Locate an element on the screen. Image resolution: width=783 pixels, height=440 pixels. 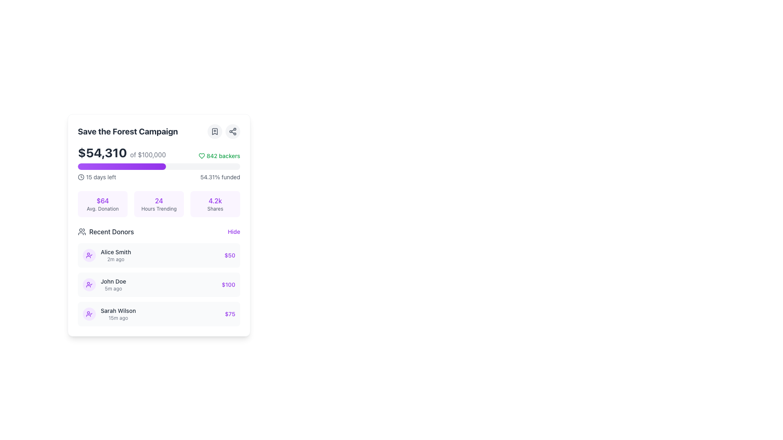
the purple text displaying '$64', which is styled with medium font weight and is situated in a rounded, light purple background, located above the smaller text 'Avg. Donation' is located at coordinates (102, 201).